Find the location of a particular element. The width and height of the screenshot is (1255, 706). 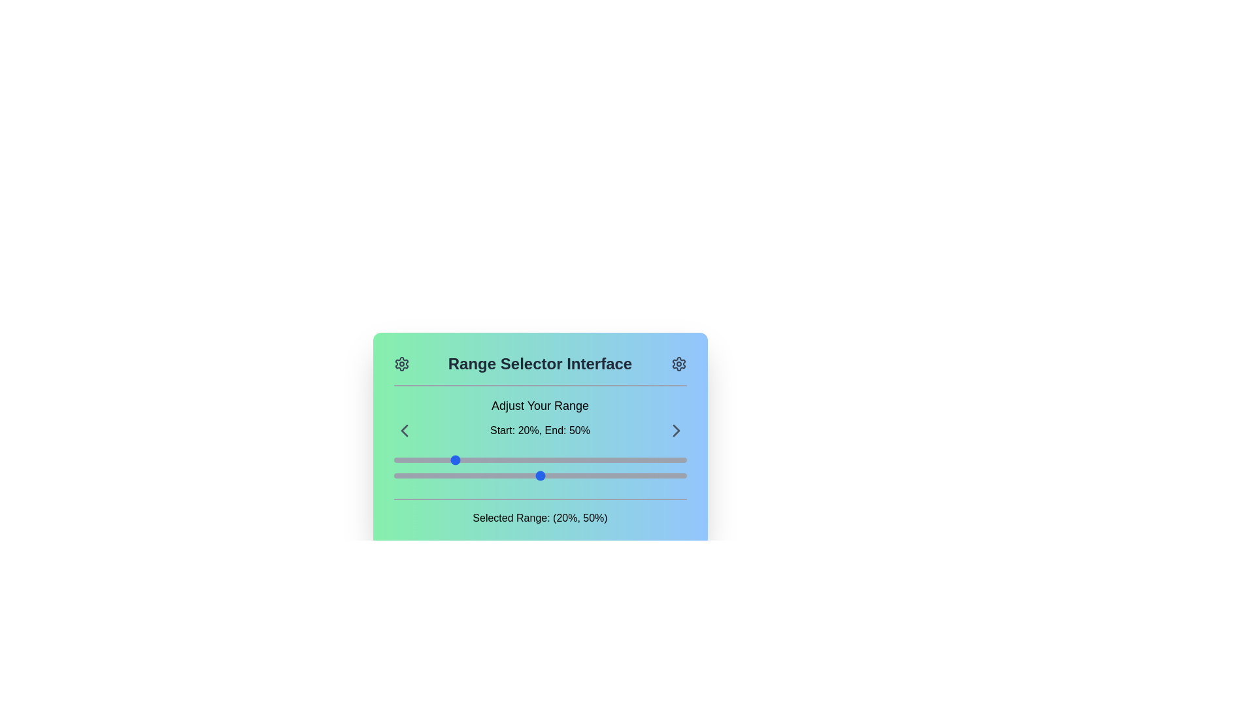

the rightward navigation arrow icon is located at coordinates (676, 431).